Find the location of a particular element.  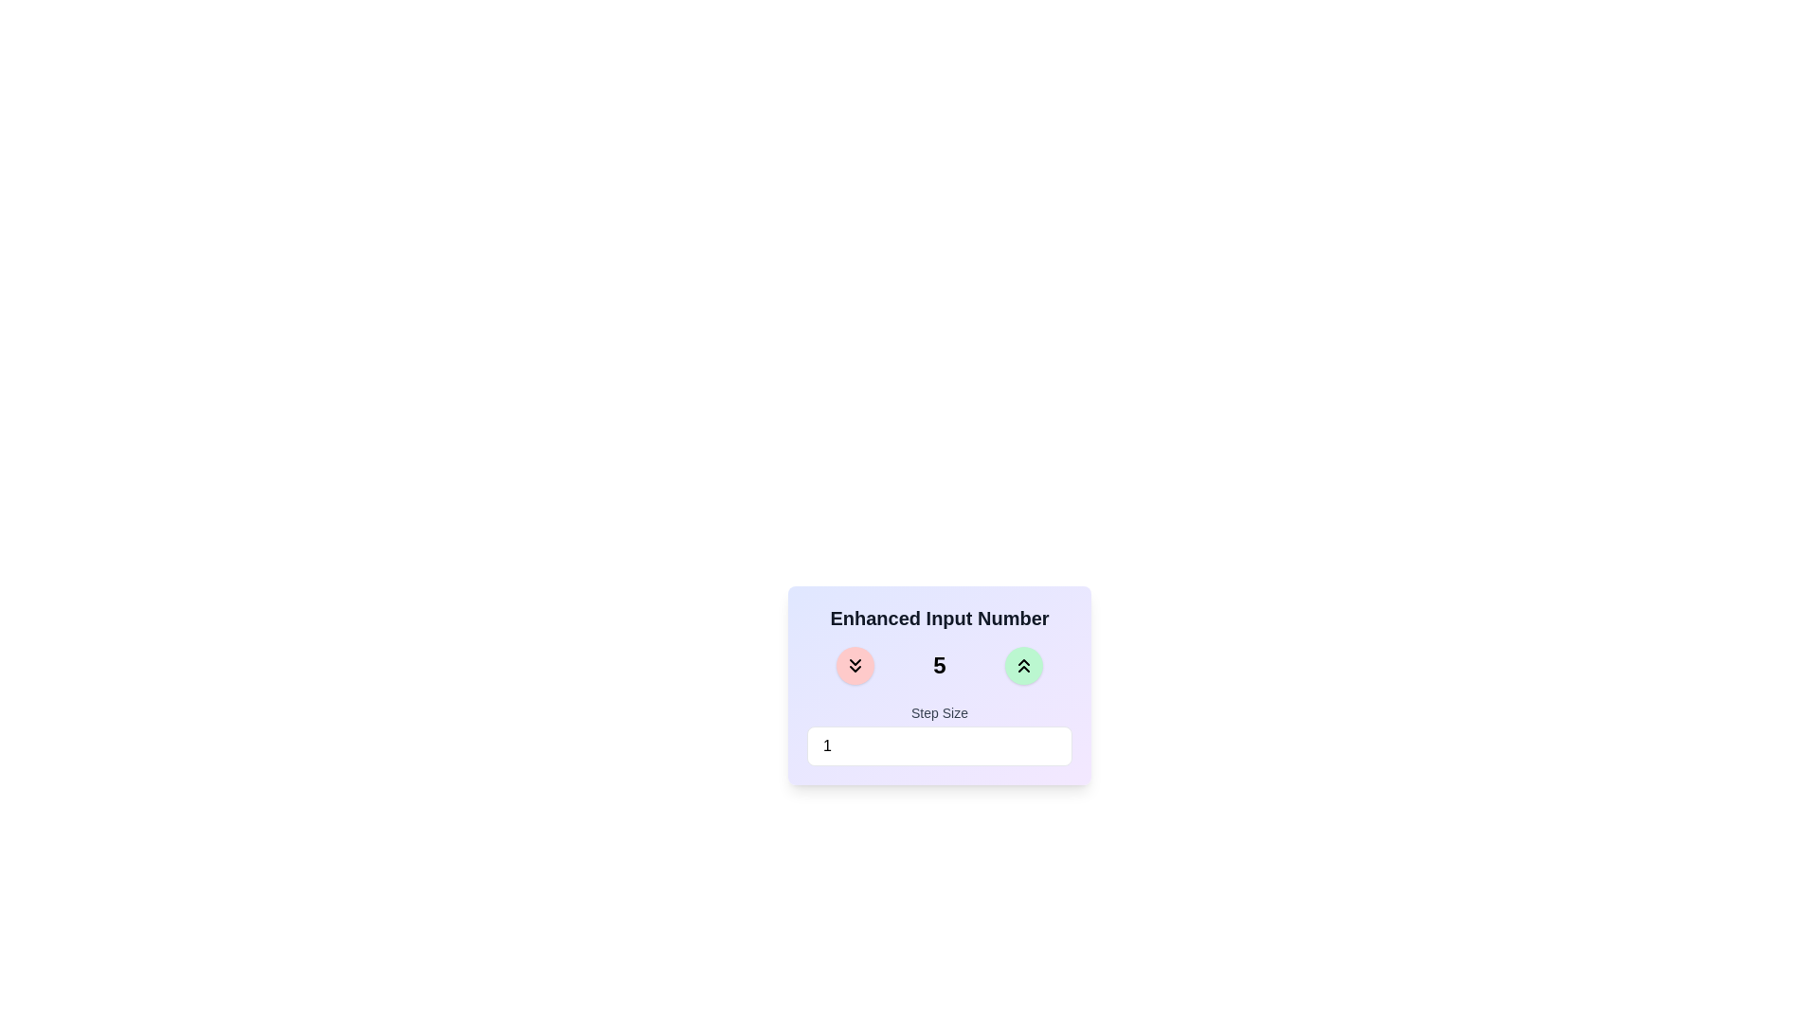

the numeric input field for 'Step Size' which is a horizontally rectangular box with a rounded border is located at coordinates (940, 745).